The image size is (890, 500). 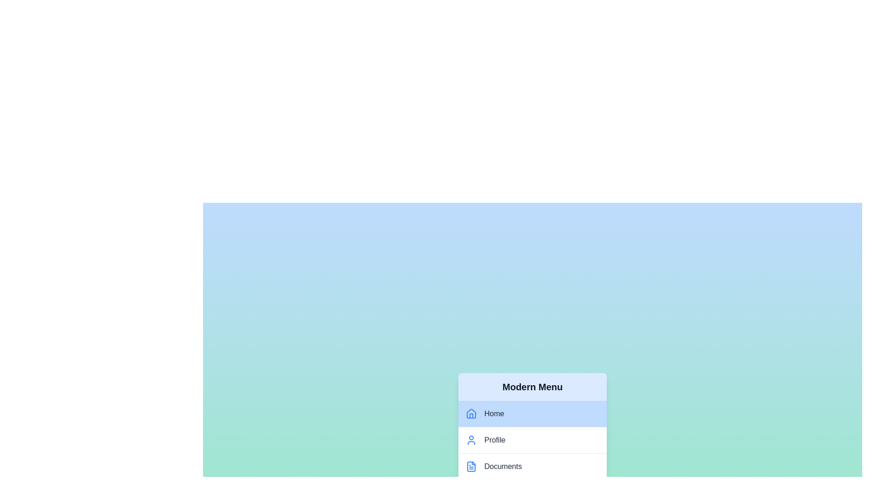 What do you see at coordinates (532, 413) in the screenshot?
I see `the menu item labeled Home to navigate to the corresponding view` at bounding box center [532, 413].